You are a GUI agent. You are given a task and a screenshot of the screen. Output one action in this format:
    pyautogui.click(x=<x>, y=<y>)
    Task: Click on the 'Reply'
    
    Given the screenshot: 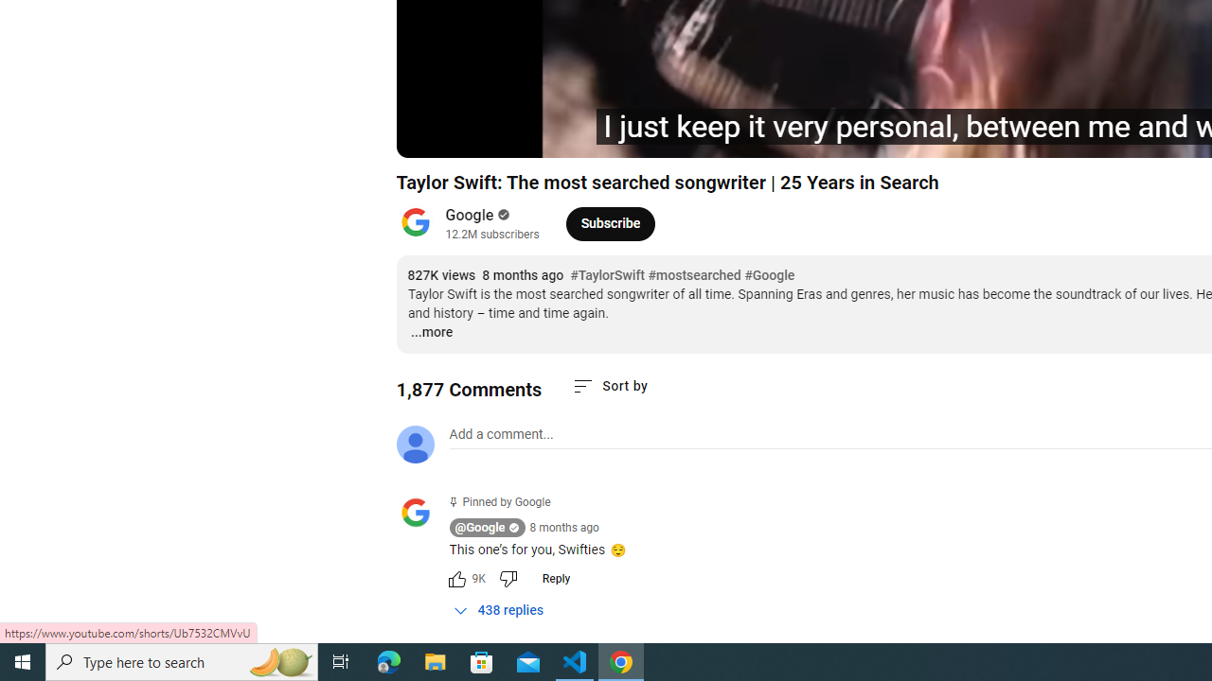 What is the action you would take?
    pyautogui.click(x=555, y=578)
    